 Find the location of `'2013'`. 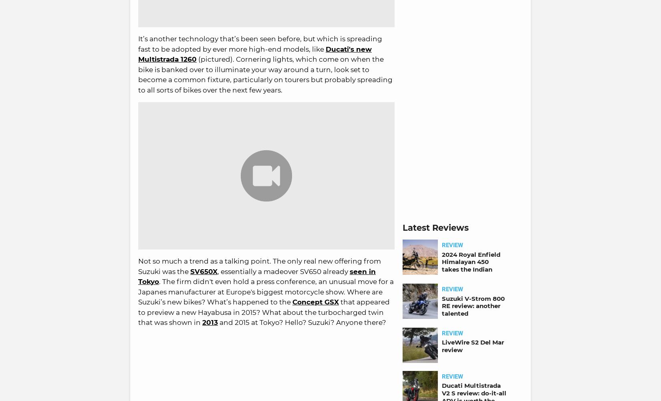

'2013' is located at coordinates (210, 322).